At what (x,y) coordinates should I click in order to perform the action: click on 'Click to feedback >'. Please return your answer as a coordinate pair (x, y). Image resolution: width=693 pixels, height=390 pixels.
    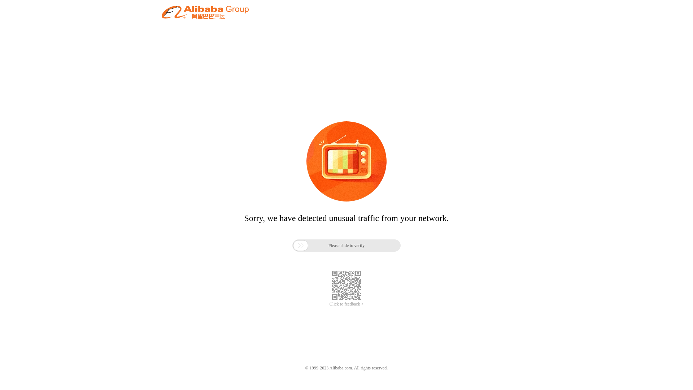
    Looking at the image, I should click on (346, 304).